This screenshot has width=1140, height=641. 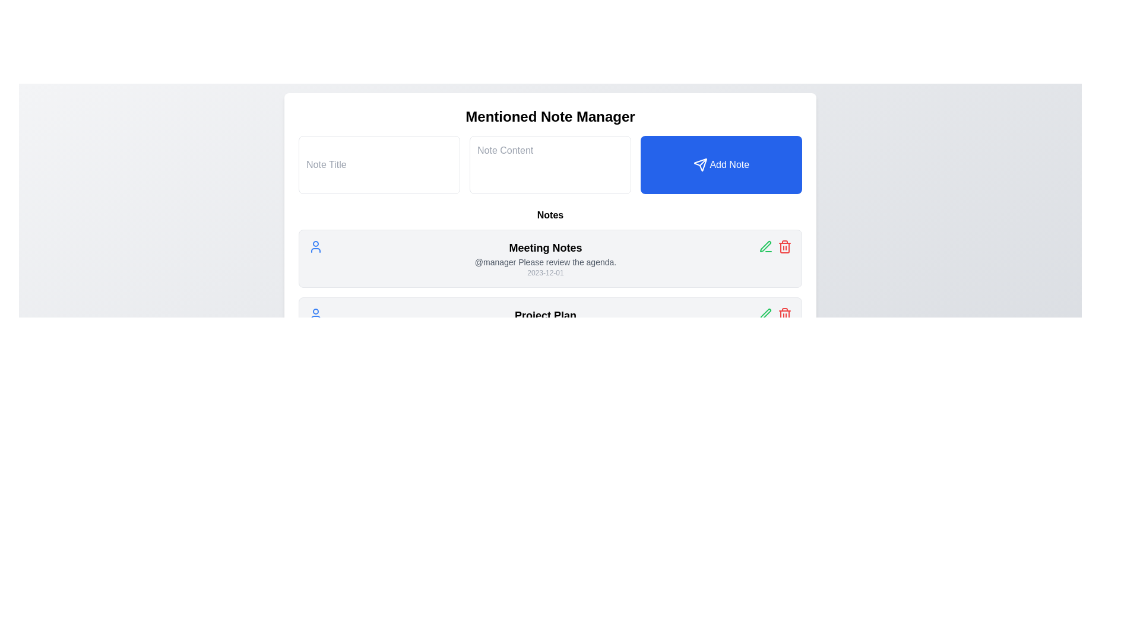 I want to click on the pen-shaped icon button with a green stroke color, located to the left of the trash-can icon and right of the note title in the 'Project Plan' entry, so click(x=765, y=246).